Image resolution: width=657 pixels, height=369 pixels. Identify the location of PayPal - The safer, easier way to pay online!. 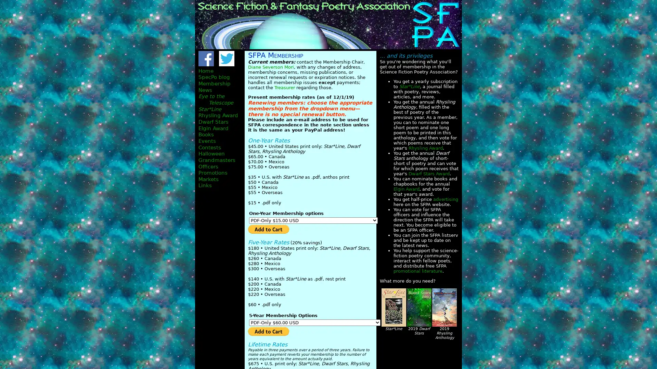
(268, 330).